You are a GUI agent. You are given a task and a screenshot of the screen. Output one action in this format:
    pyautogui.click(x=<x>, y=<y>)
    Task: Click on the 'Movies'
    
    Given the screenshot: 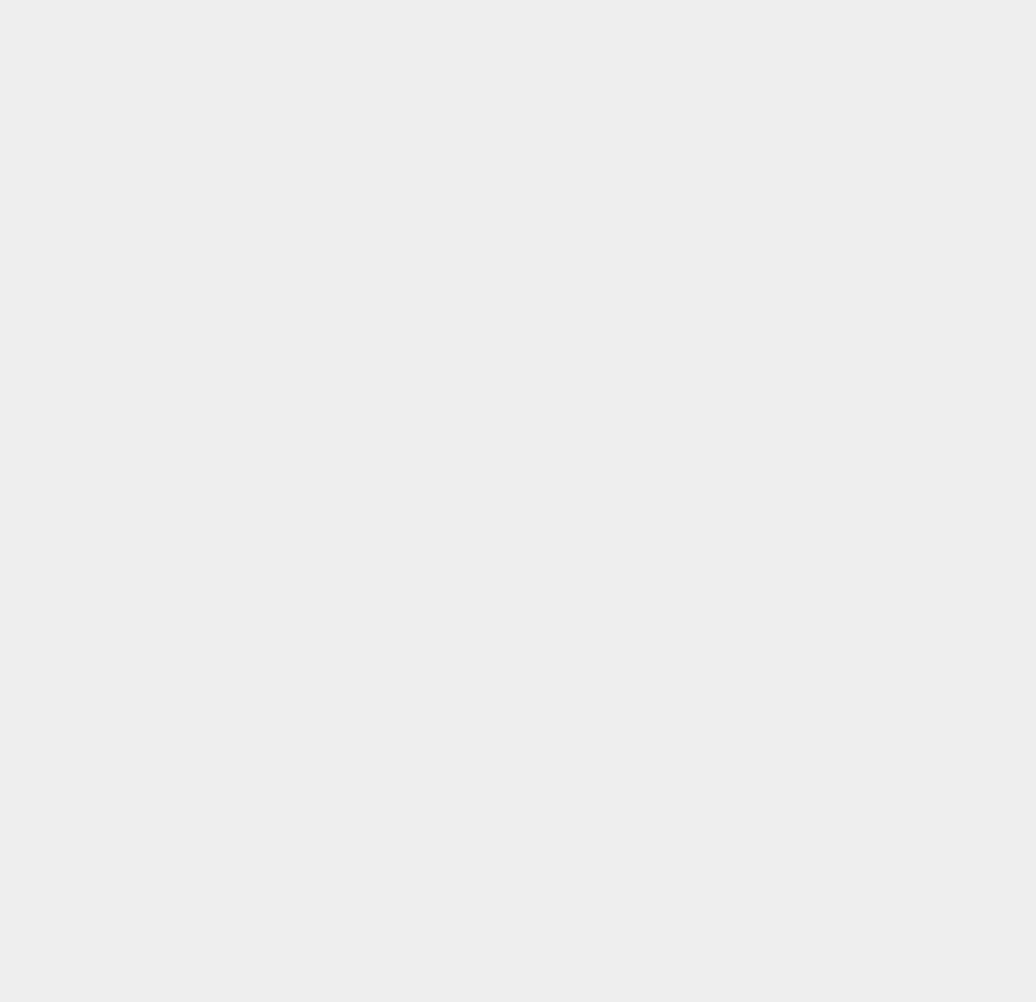 What is the action you would take?
    pyautogui.click(x=733, y=787)
    